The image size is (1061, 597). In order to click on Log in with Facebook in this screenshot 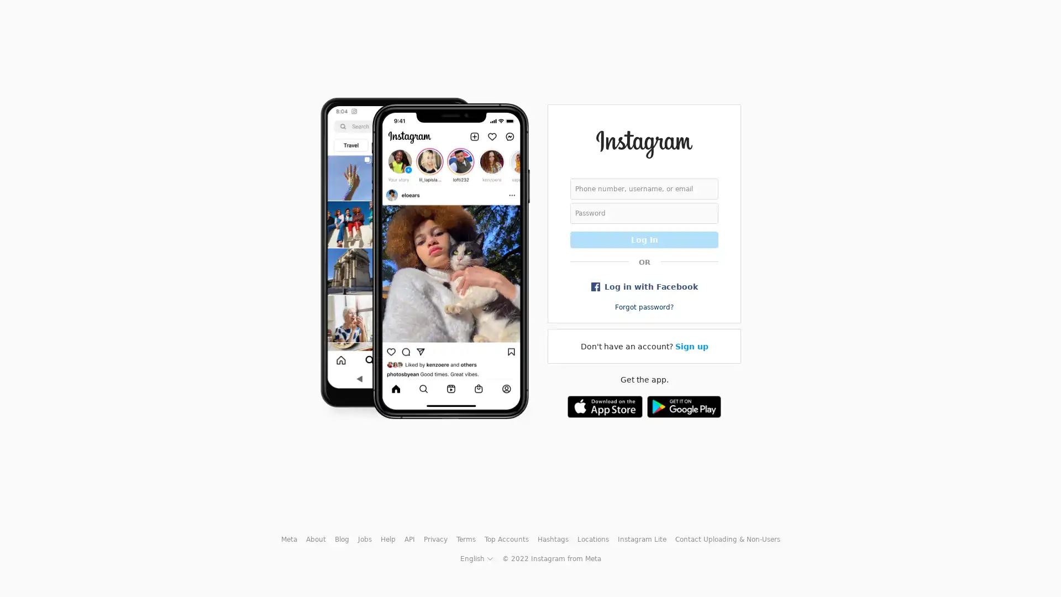, I will do `click(644, 285)`.